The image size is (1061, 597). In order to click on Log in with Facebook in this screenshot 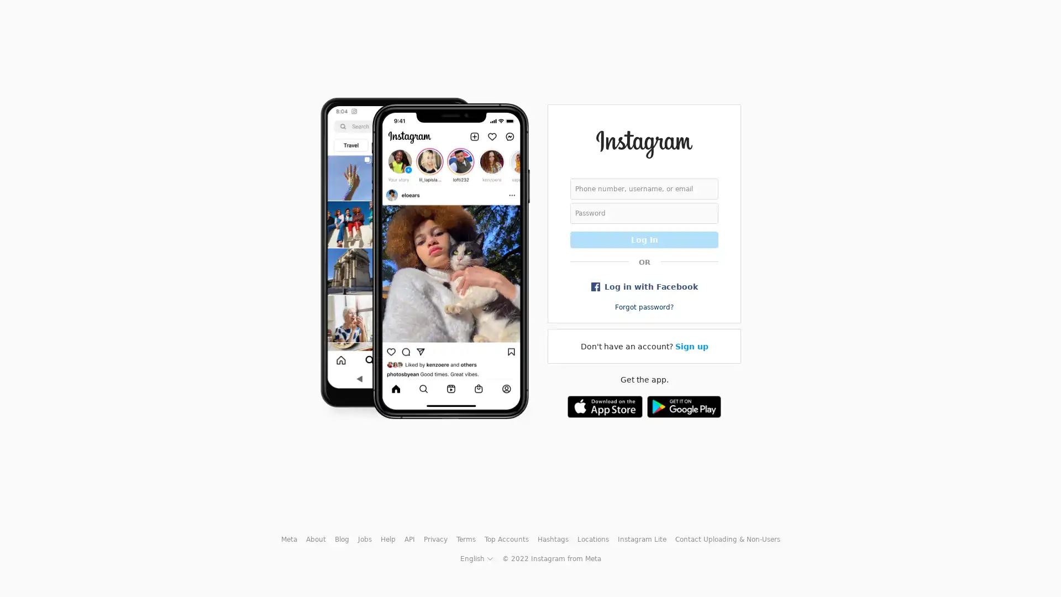, I will do `click(644, 285)`.